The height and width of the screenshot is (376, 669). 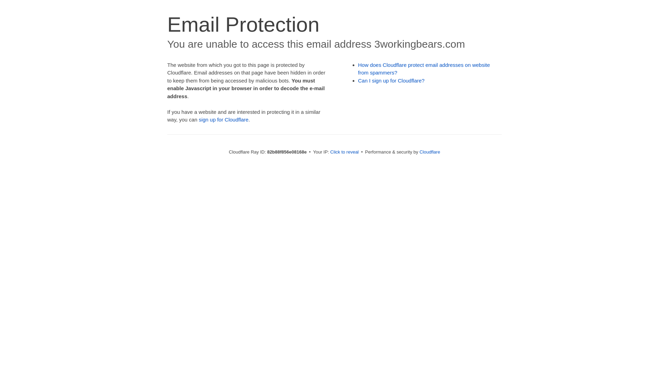 What do you see at coordinates (429, 151) in the screenshot?
I see `'Cloudflare'` at bounding box center [429, 151].